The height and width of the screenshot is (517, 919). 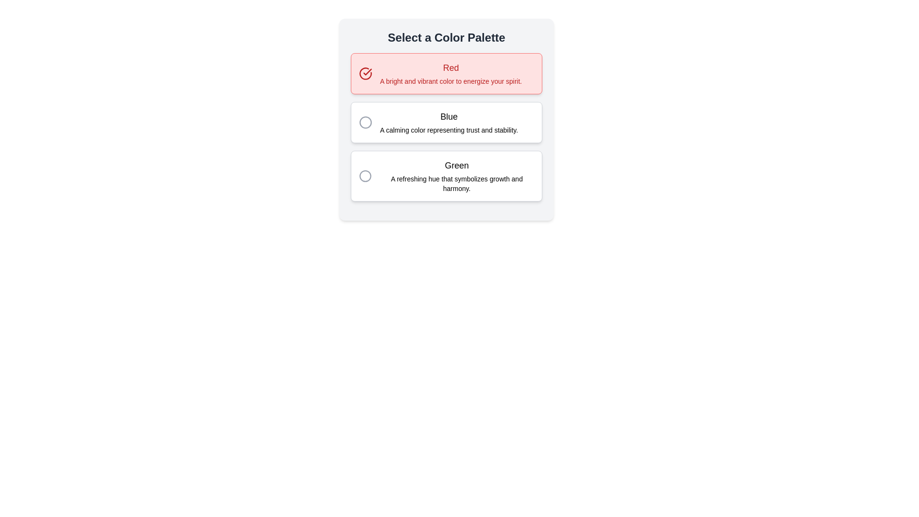 What do you see at coordinates (446, 122) in the screenshot?
I see `the 'Blue' color palette selectable card option, which is the second` at bounding box center [446, 122].